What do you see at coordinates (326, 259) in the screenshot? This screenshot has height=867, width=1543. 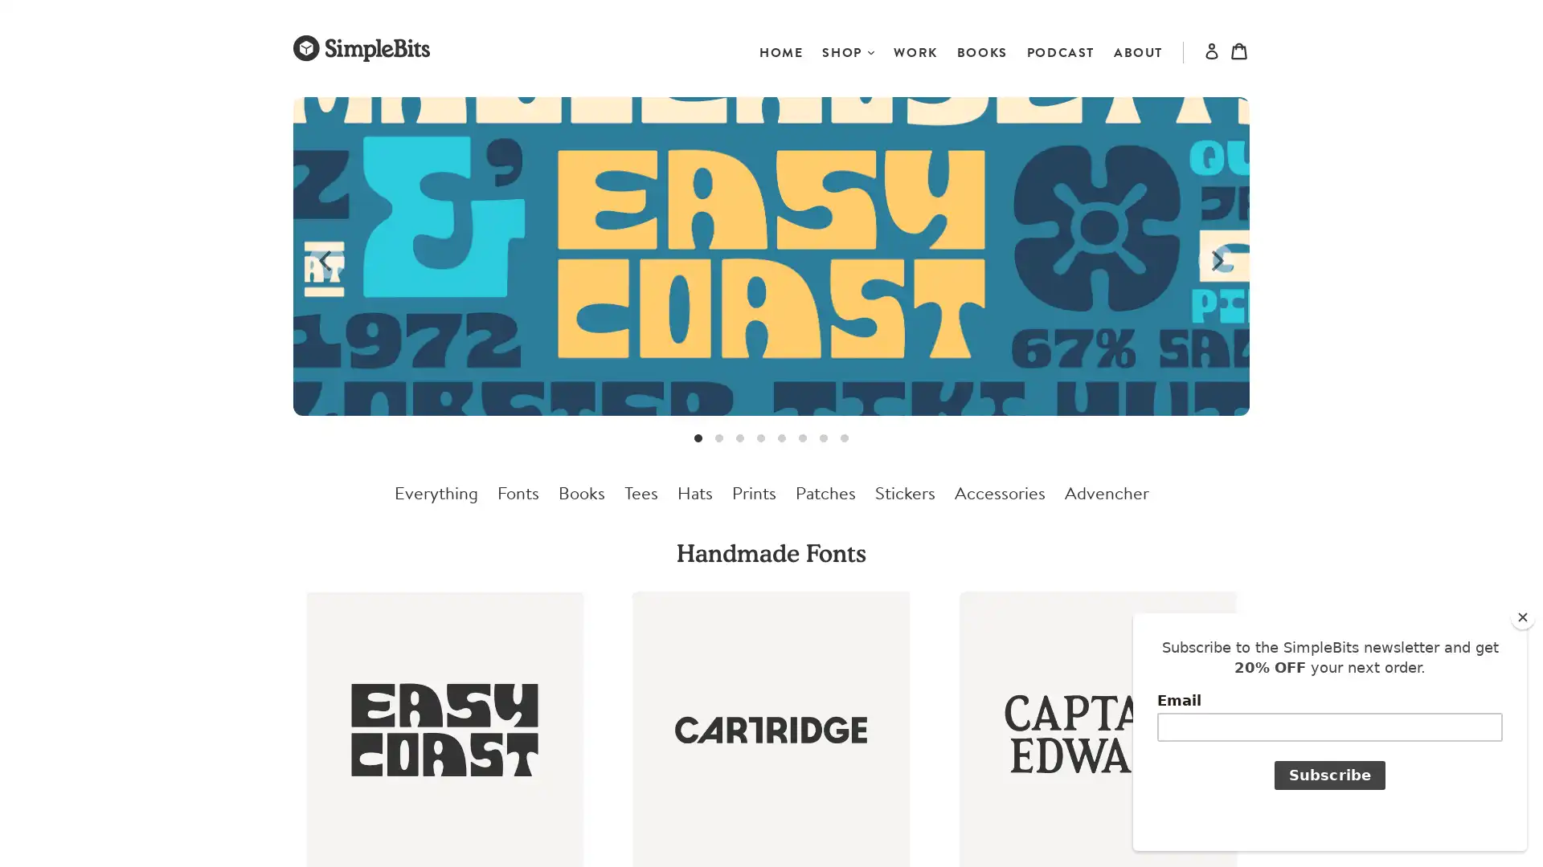 I see `Previous` at bounding box center [326, 259].